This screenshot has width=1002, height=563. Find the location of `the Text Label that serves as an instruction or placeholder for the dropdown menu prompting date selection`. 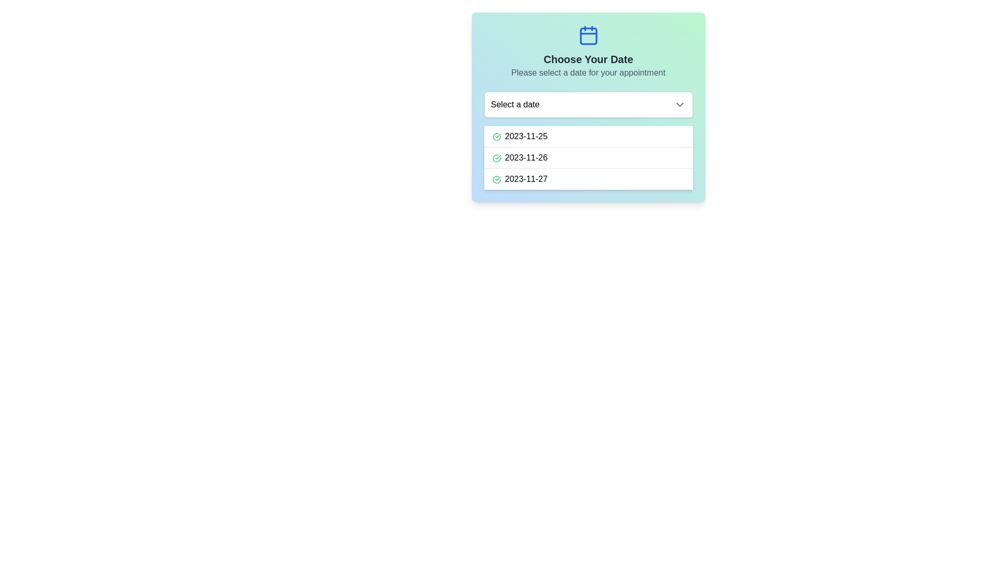

the Text Label that serves as an instruction or placeholder for the dropdown menu prompting date selection is located at coordinates (515, 104).